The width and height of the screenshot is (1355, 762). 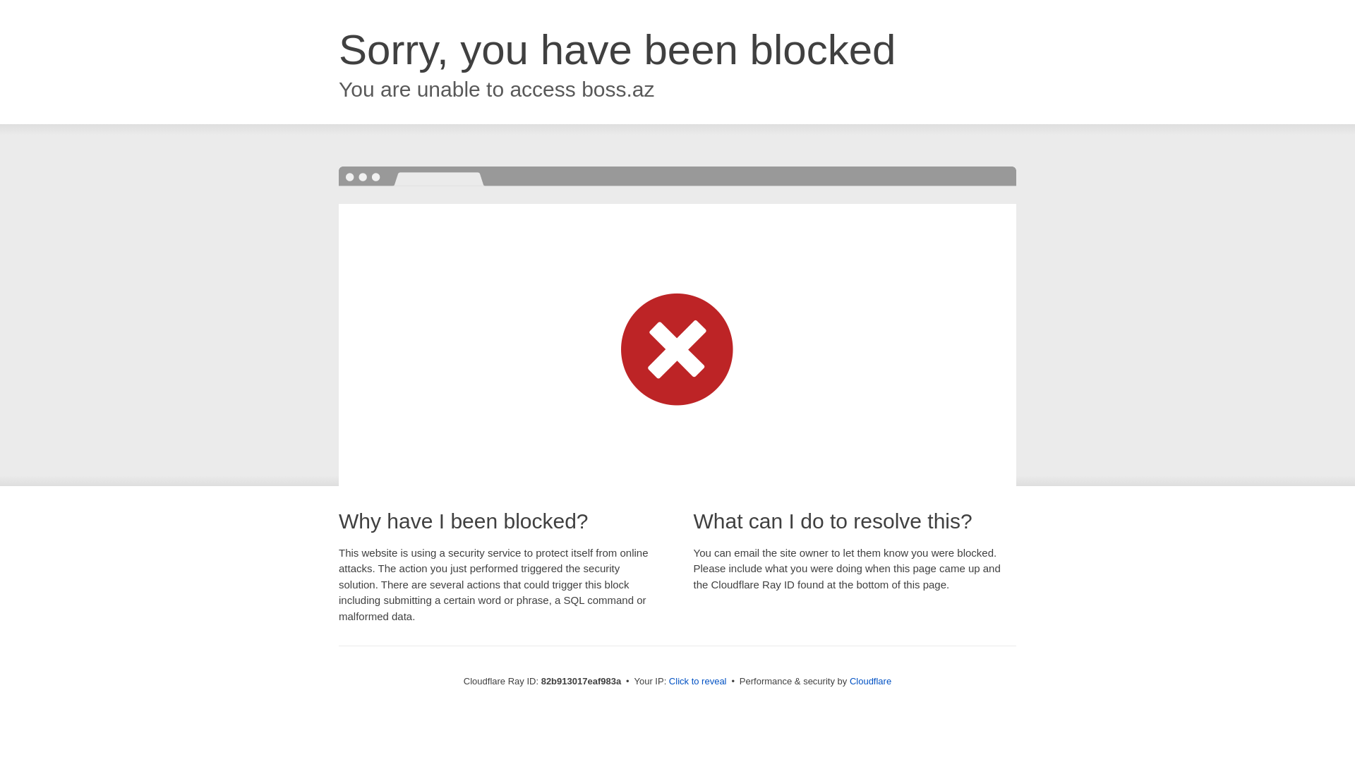 I want to click on 'Click to reveal', so click(x=697, y=680).